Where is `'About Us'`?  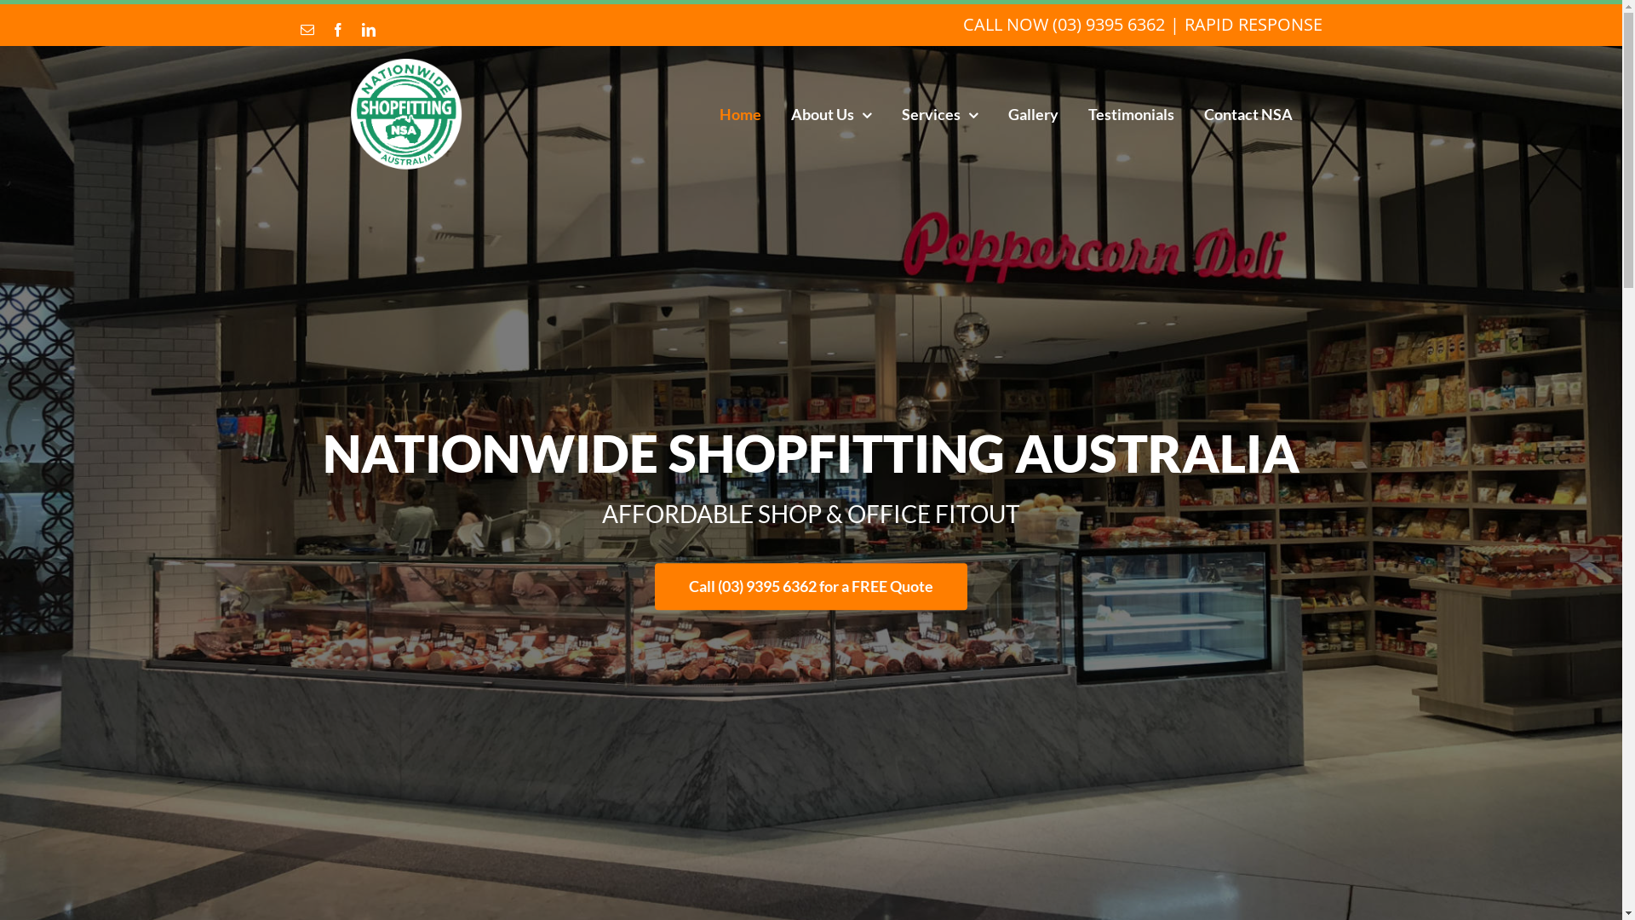
'About Us' is located at coordinates (830, 114).